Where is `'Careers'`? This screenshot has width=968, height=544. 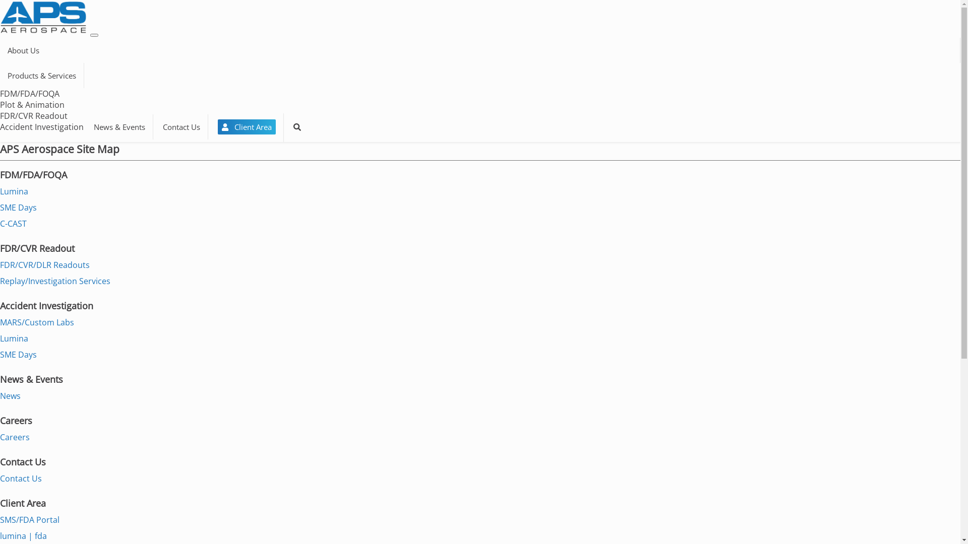 'Careers' is located at coordinates (15, 436).